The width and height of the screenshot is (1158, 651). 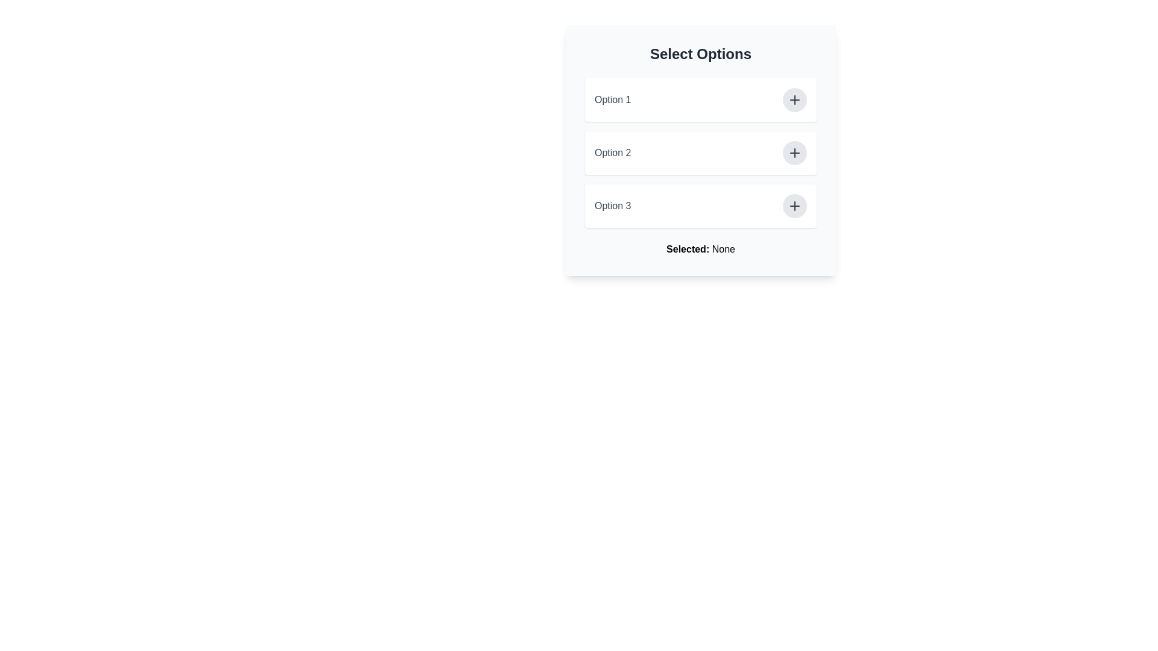 I want to click on the 'Option 3' text label, which is displayed in medium gray font on a white panel, so click(x=613, y=206).